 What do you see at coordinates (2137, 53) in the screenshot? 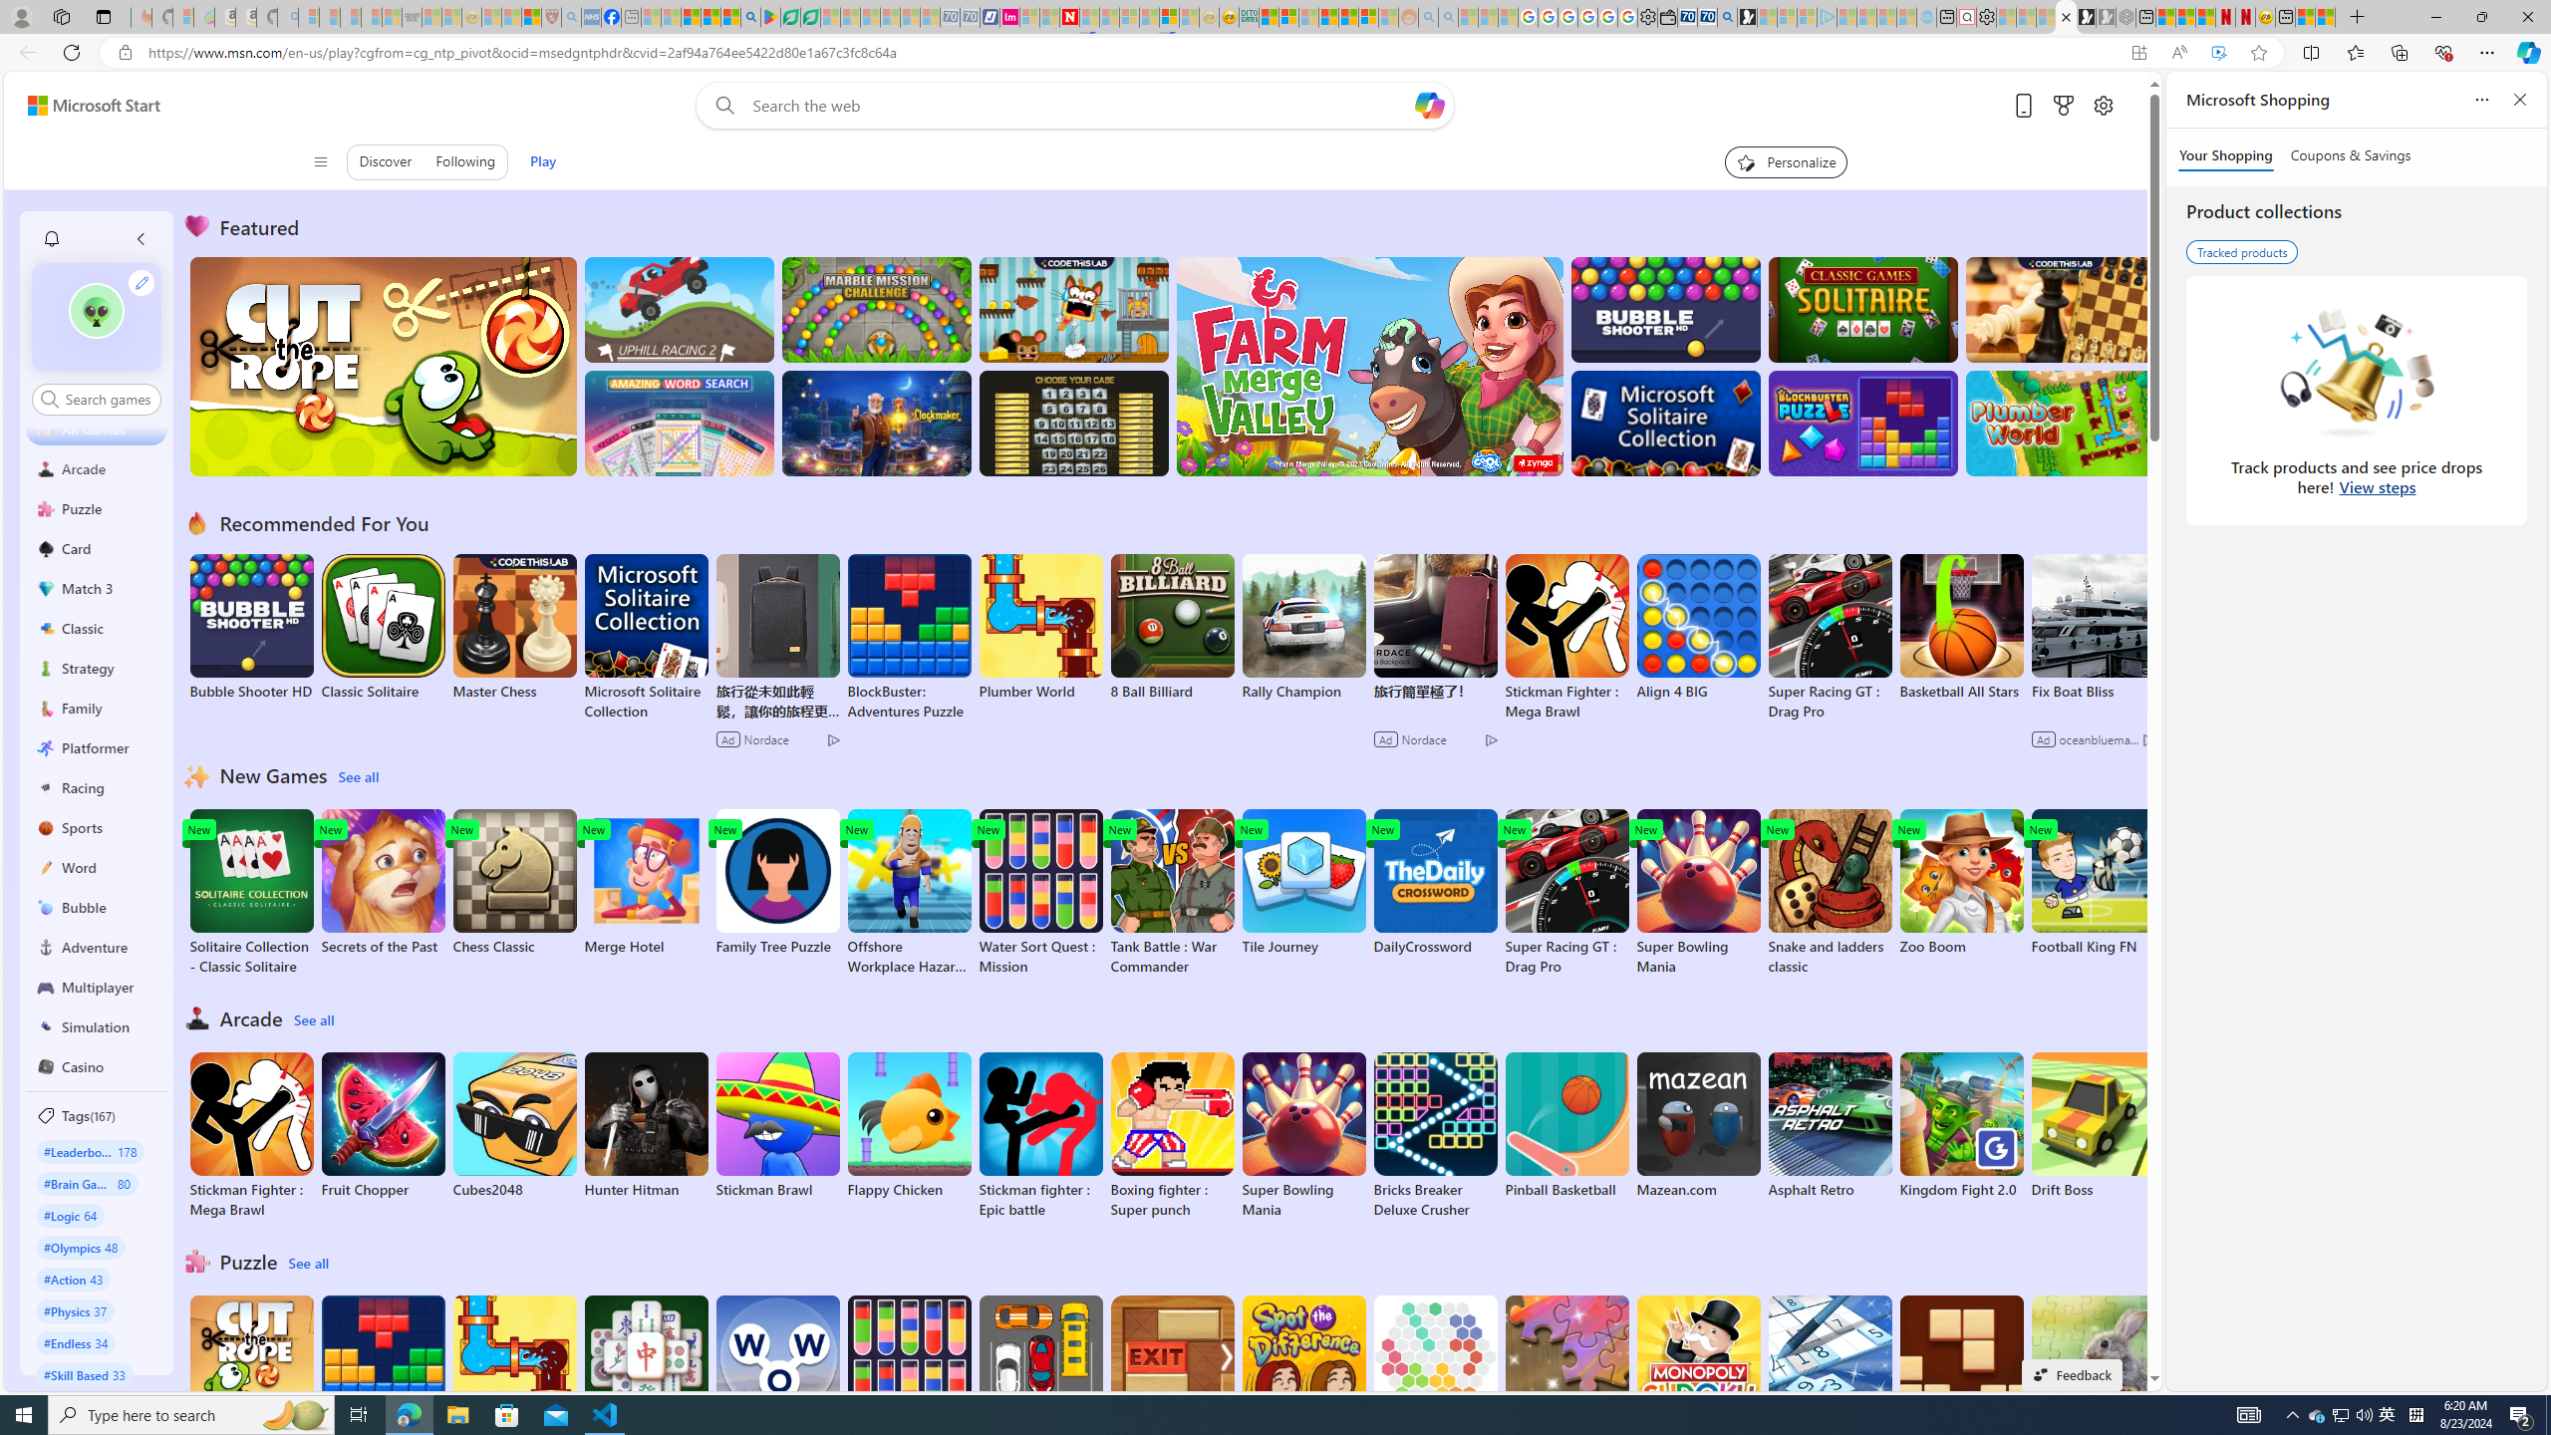
I see `'App available. Install Games from Microsoft Start'` at bounding box center [2137, 53].